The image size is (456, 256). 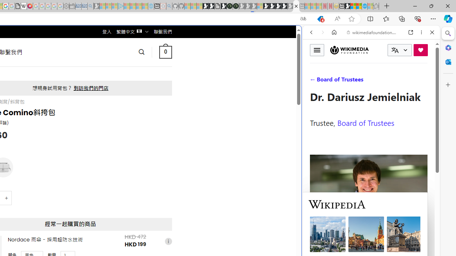 What do you see at coordinates (235, 6) in the screenshot?
I see `'Future Focus Report 2024'` at bounding box center [235, 6].